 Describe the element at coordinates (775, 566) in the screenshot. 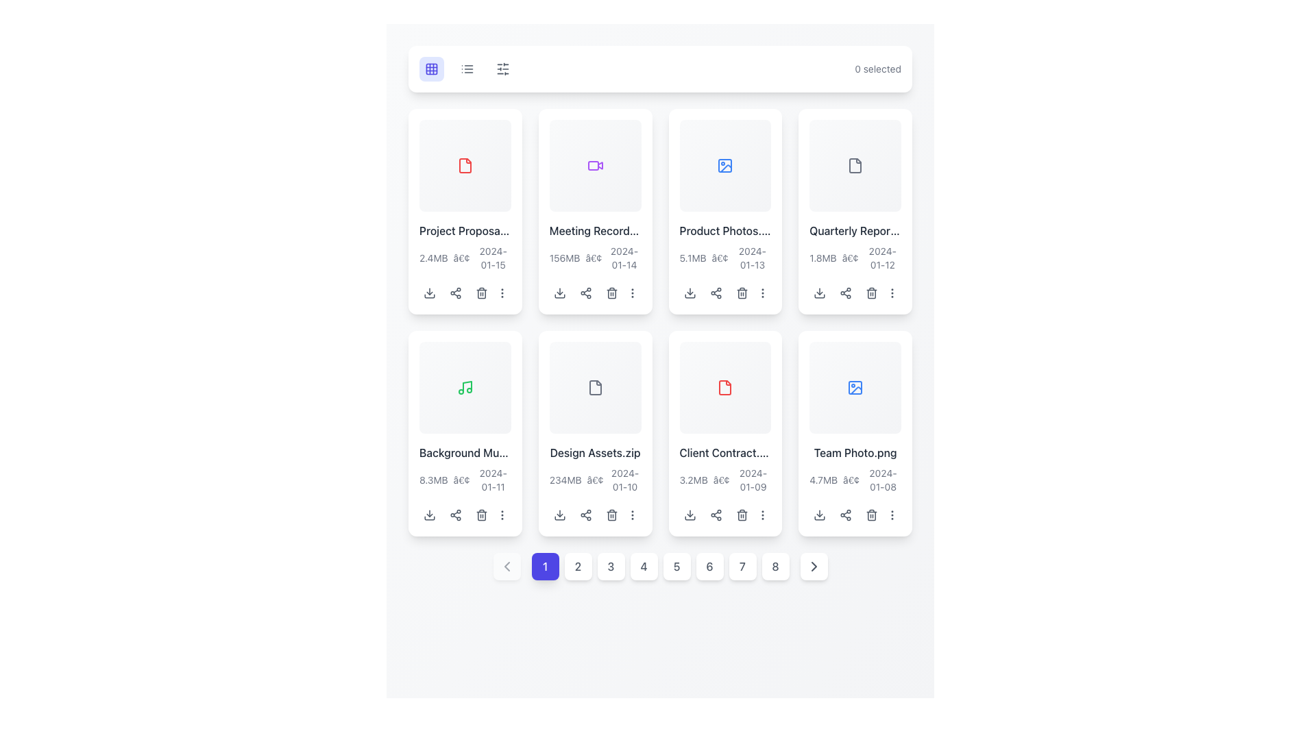

I see `the pagination button displaying the number '8'` at that location.